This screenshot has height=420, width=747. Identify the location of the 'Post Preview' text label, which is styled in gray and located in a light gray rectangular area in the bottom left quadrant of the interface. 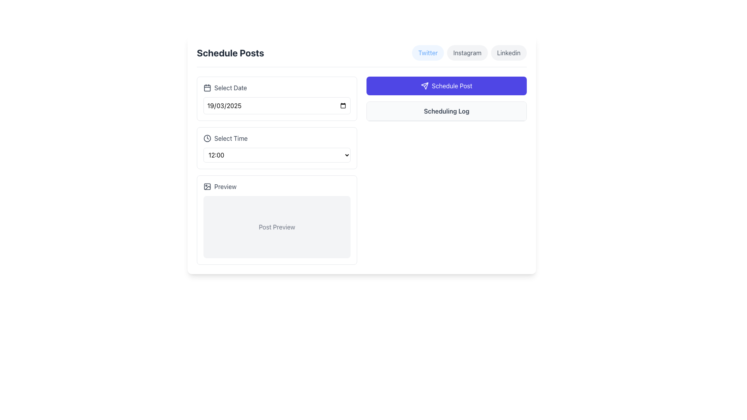
(277, 227).